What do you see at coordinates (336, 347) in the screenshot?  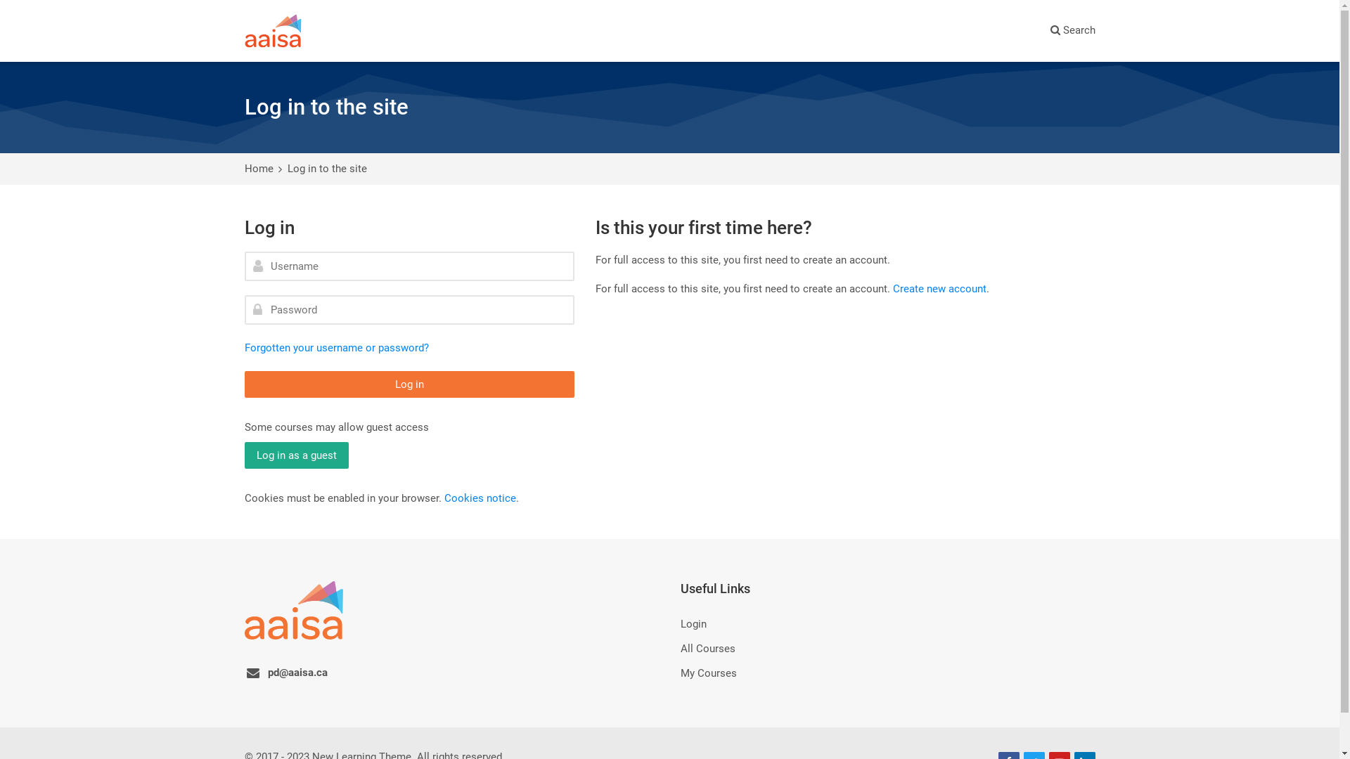 I see `'Forgotten your username or password?'` at bounding box center [336, 347].